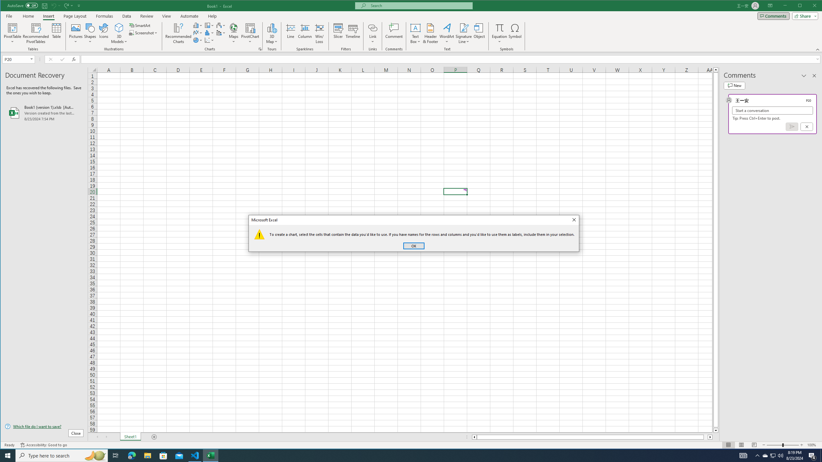 This screenshot has height=462, width=822. Describe the element at coordinates (221, 25) in the screenshot. I see `'Insert Waterfall, Funnel, Stock, Surface, or Radar Chart'` at that location.